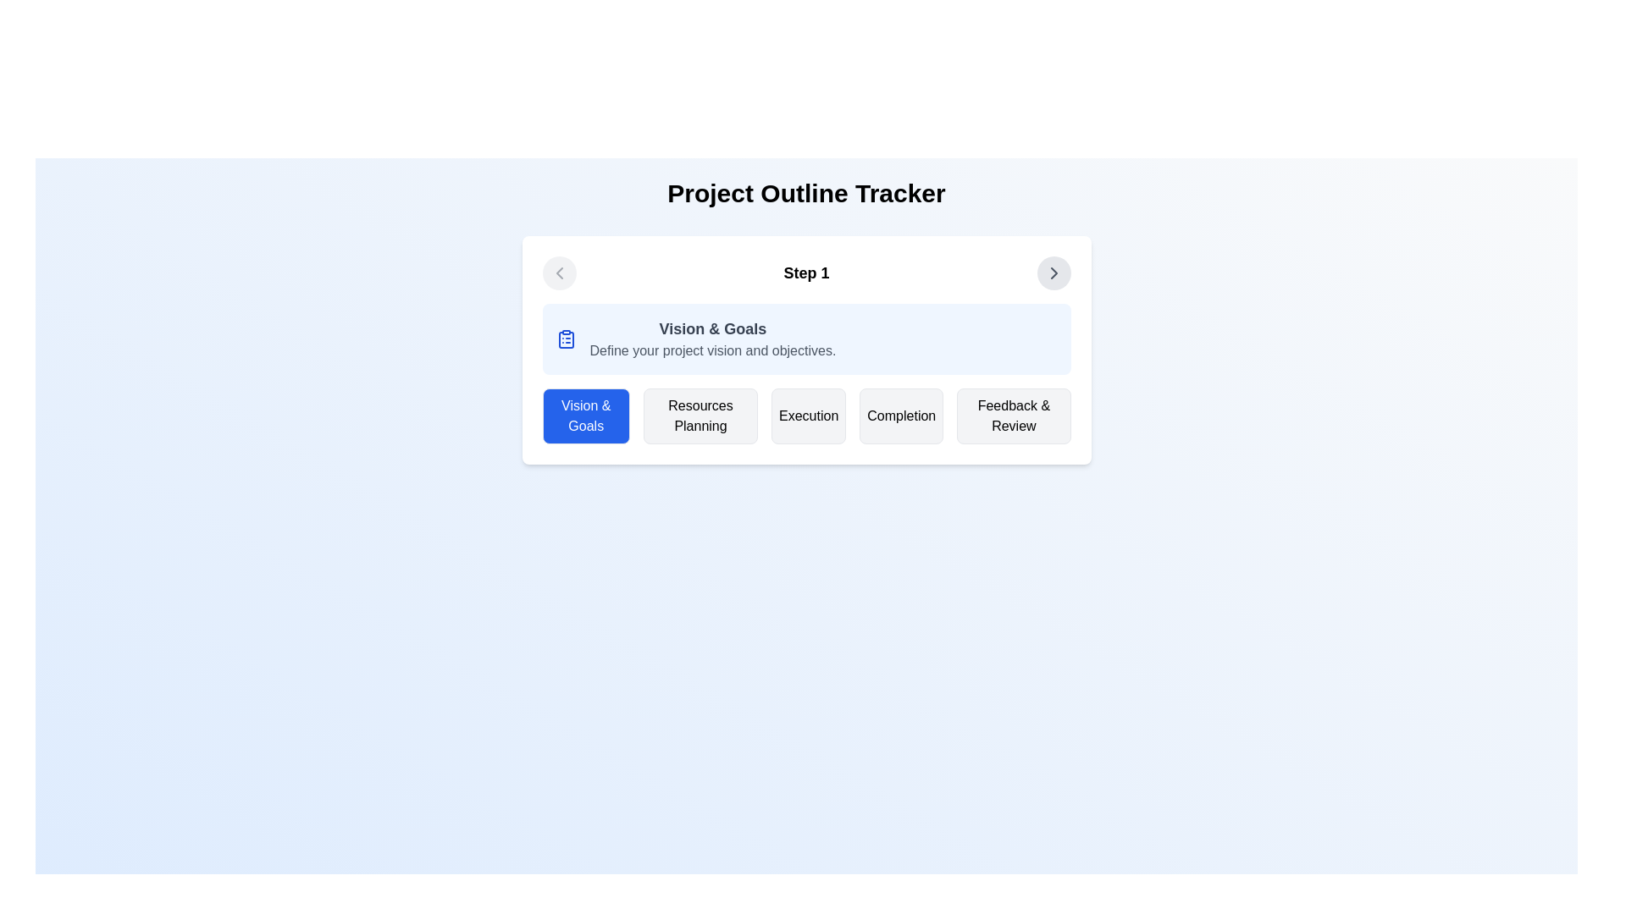 This screenshot has width=1626, height=914. I want to click on the header text label 'Project Outline Tracker', which is centrally located at the top of the section, so click(805, 192).